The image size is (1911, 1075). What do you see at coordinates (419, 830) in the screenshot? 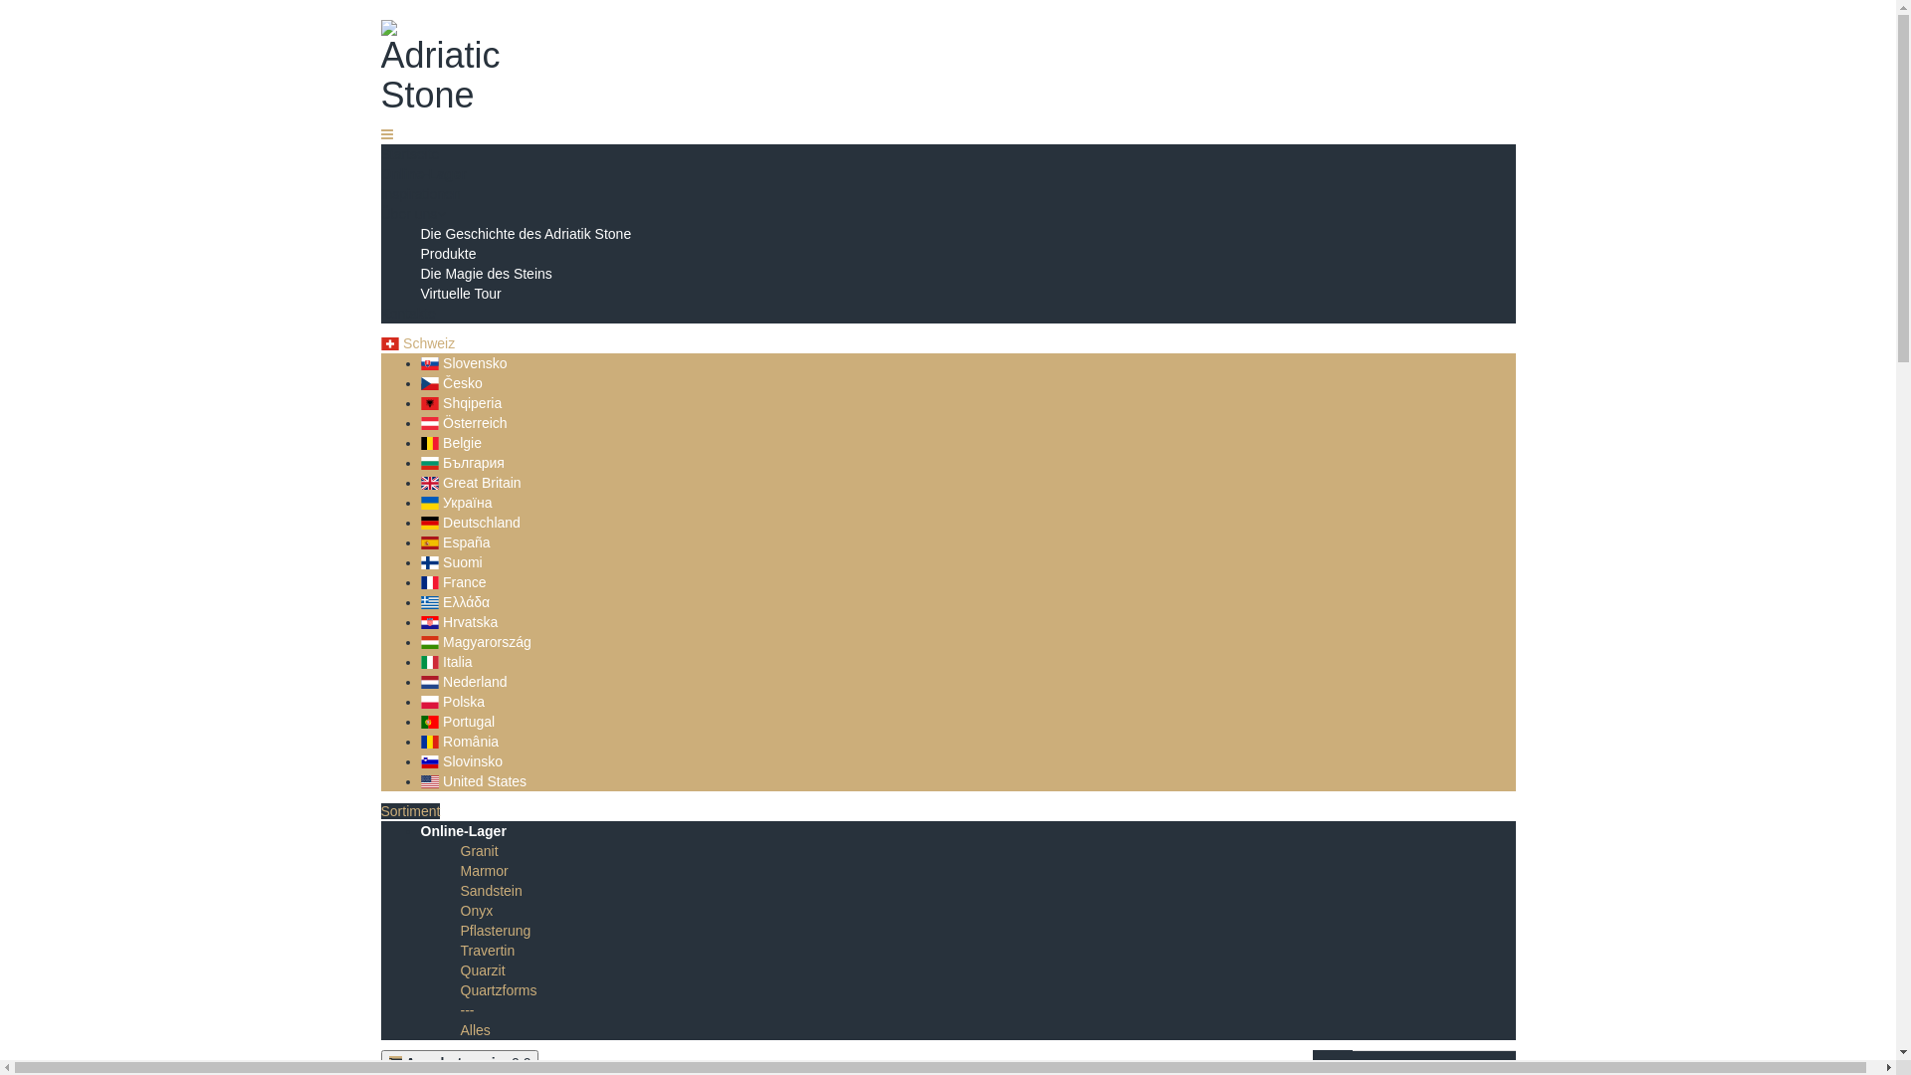
I see `'Online-Lager'` at bounding box center [419, 830].